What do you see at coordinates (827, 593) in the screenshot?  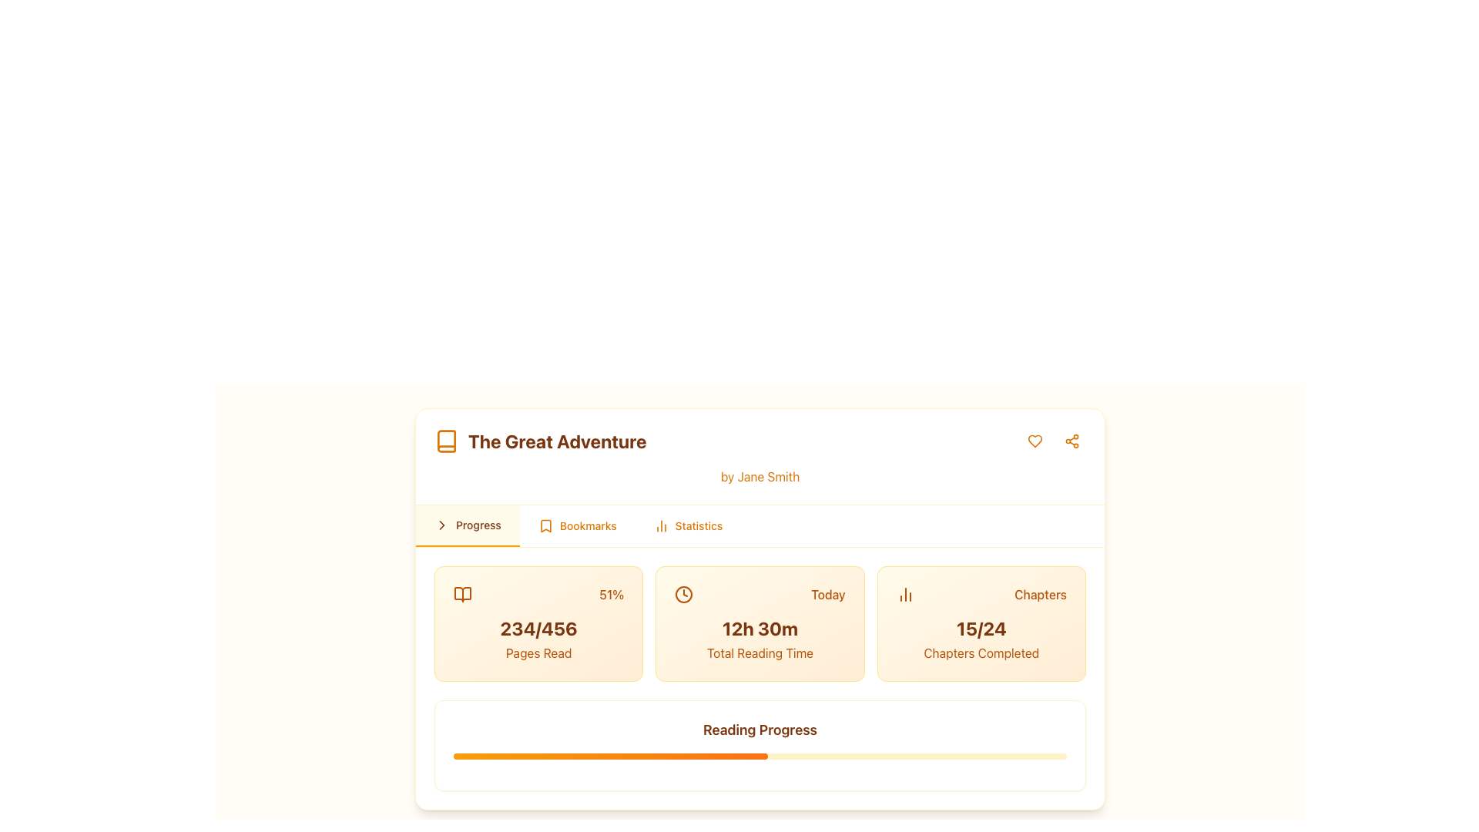 I see `the informational text label indicating 'Today' reading time located at the top right of the card displaying 'Total Reading Time'` at bounding box center [827, 593].